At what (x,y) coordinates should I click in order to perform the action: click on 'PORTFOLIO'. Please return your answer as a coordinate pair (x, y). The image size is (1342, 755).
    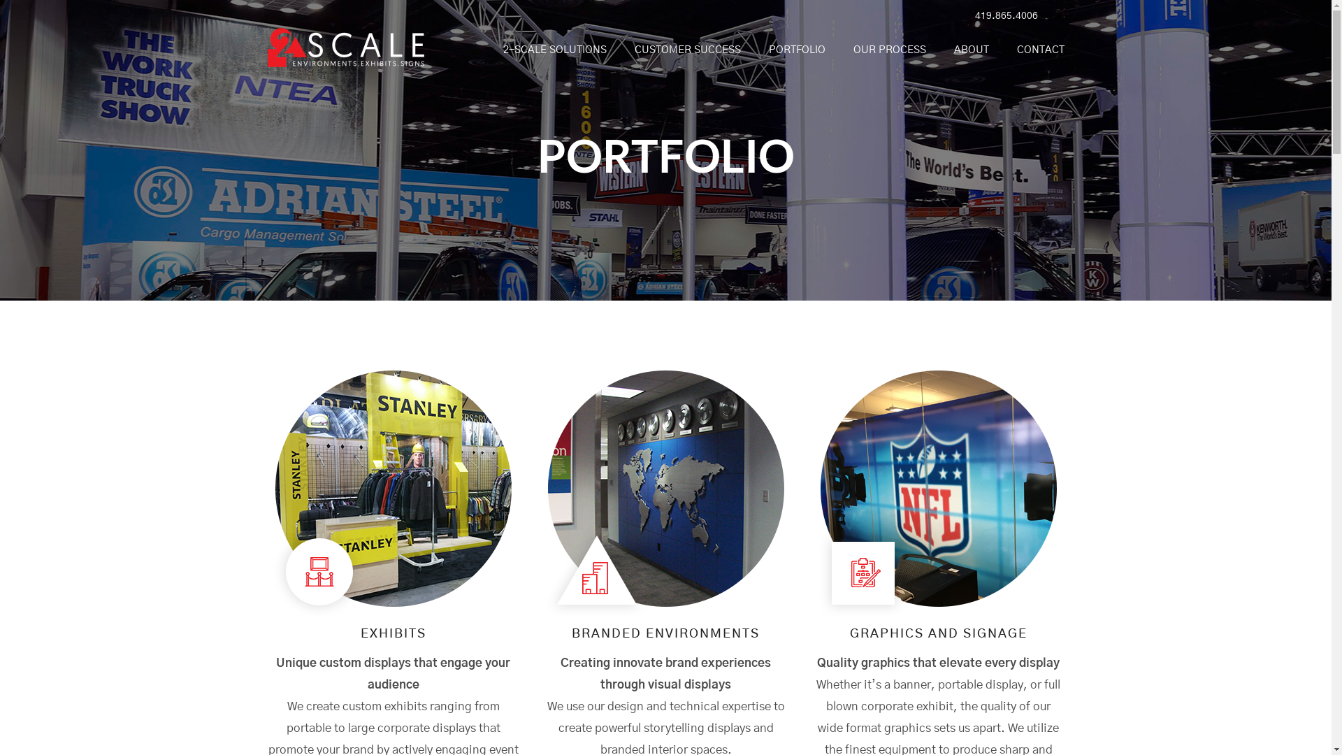
    Looking at the image, I should click on (797, 50).